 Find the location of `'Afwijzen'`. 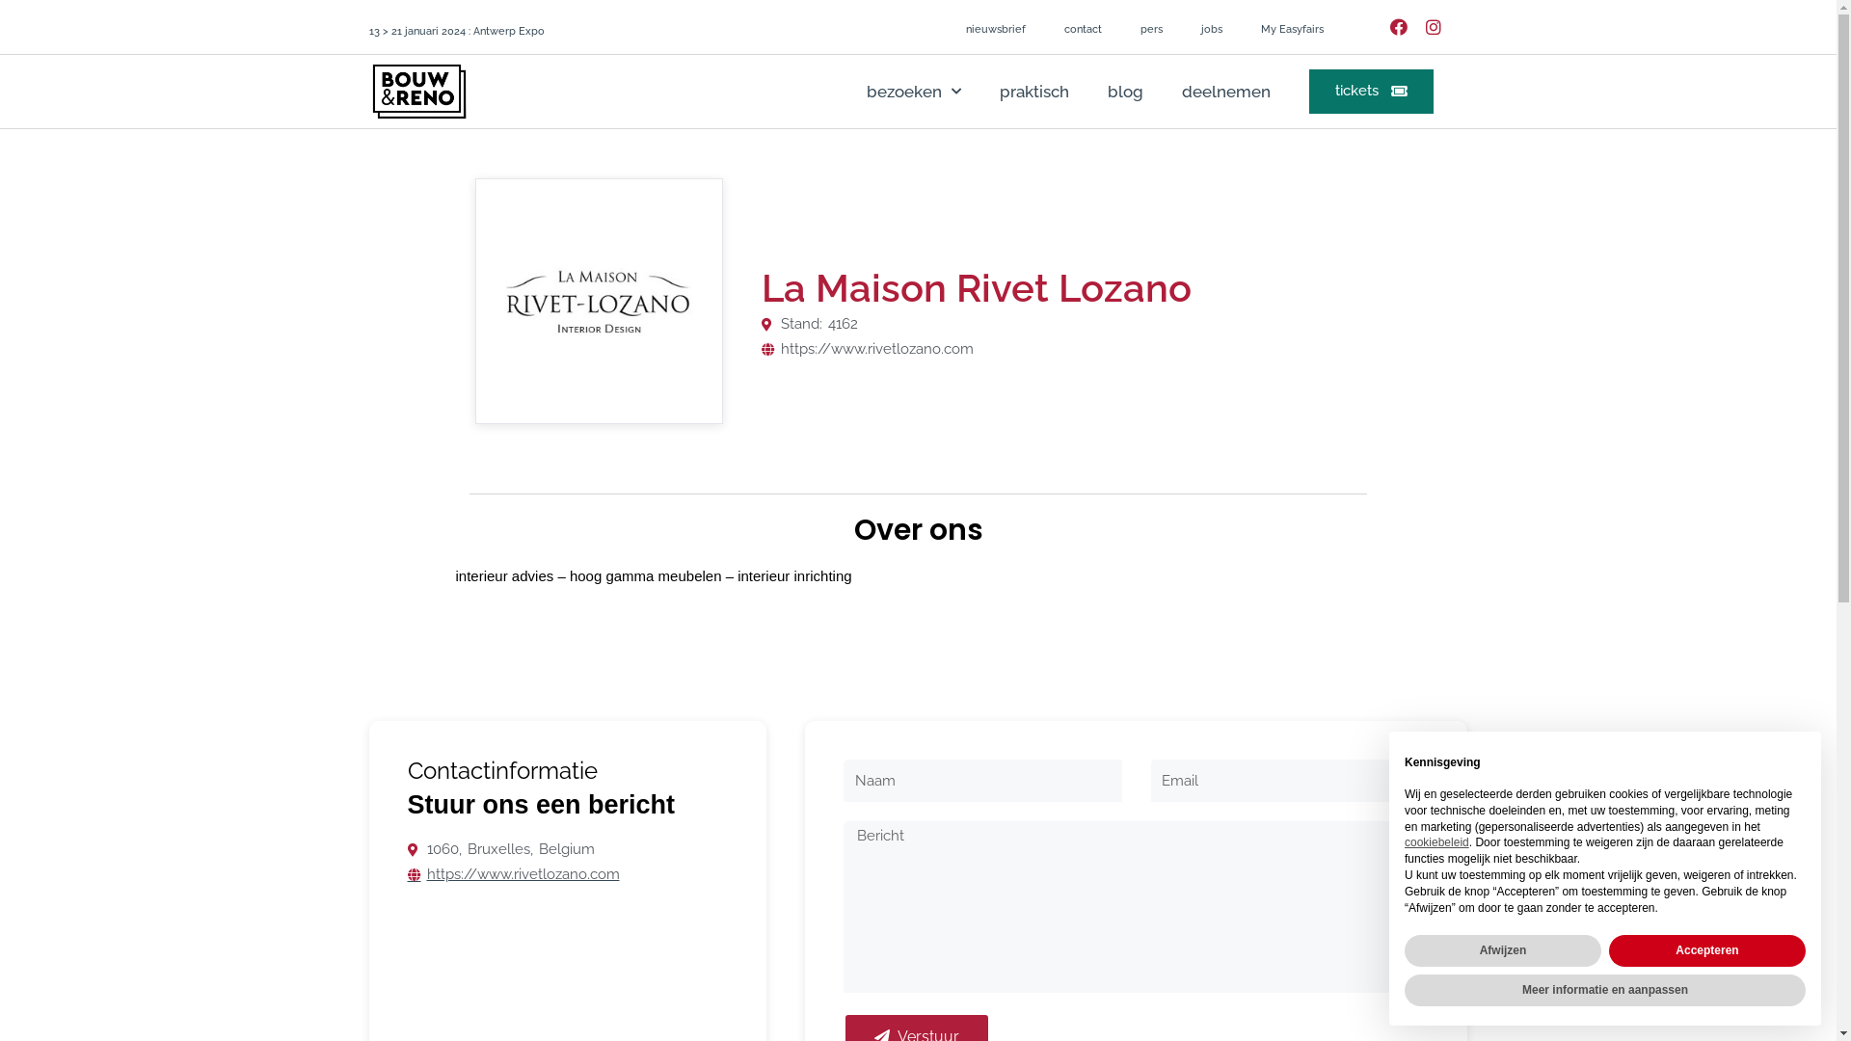

'Afwijzen' is located at coordinates (1405, 949).